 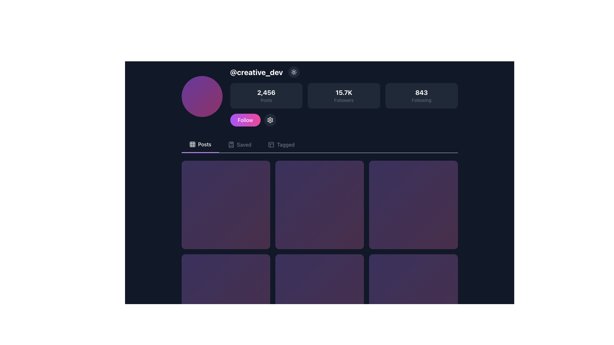 I want to click on label indicating the count of followed accounts, which is displayed below the number '843' in the horizontal layout, so click(x=421, y=100).